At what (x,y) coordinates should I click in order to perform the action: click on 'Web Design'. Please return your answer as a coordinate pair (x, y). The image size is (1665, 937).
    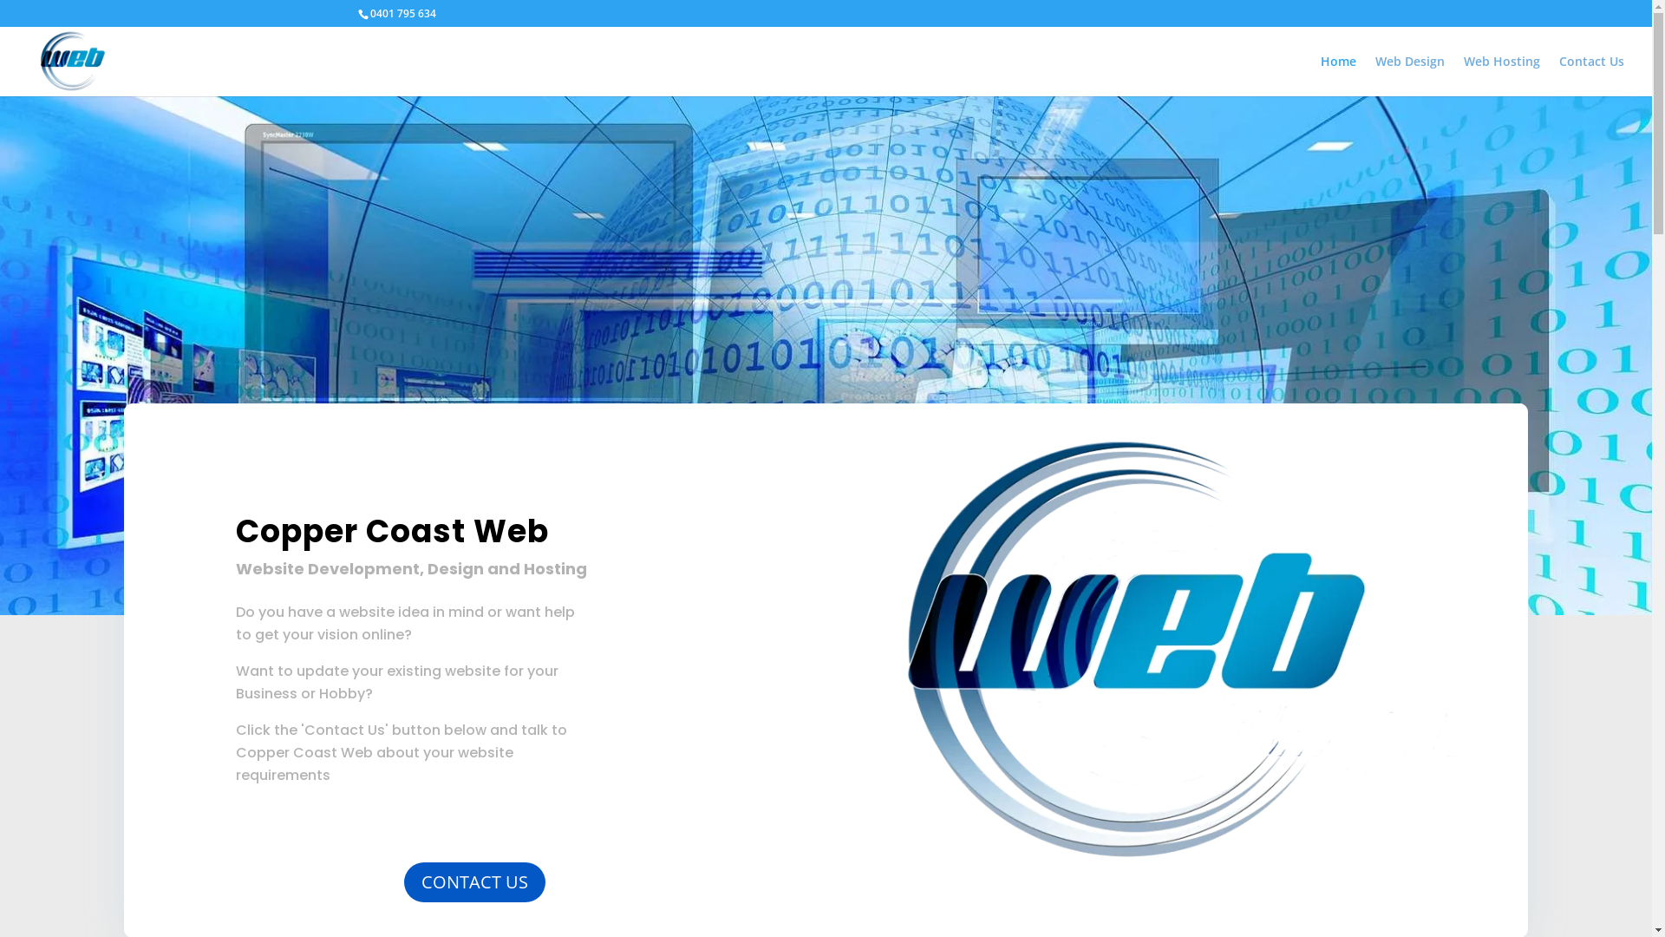
    Looking at the image, I should click on (1410, 75).